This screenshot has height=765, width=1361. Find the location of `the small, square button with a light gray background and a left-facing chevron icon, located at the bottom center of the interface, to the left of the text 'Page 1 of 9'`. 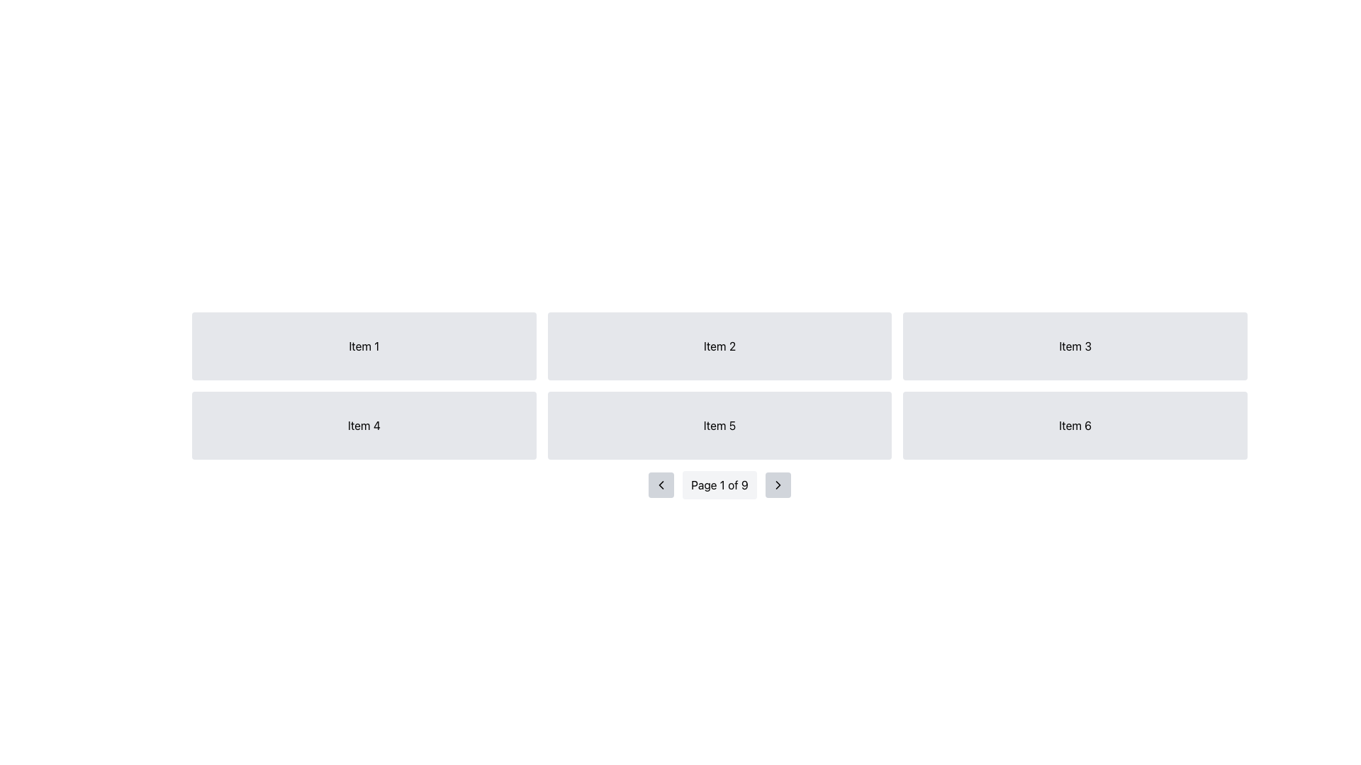

the small, square button with a light gray background and a left-facing chevron icon, located at the bottom center of the interface, to the left of the text 'Page 1 of 9' is located at coordinates (661, 484).